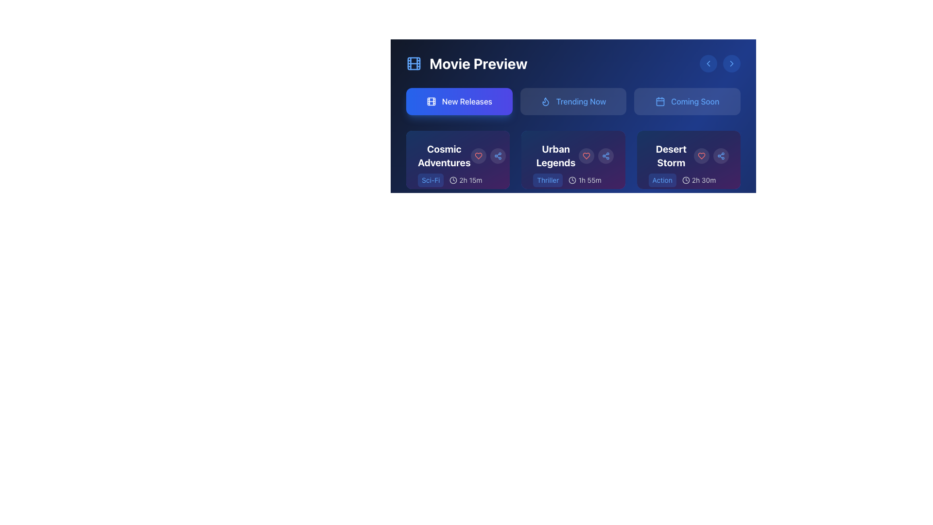 This screenshot has width=933, height=525. What do you see at coordinates (478, 155) in the screenshot?
I see `the red outlined heart icon indicating the 'favorite' or 'like' feature` at bounding box center [478, 155].